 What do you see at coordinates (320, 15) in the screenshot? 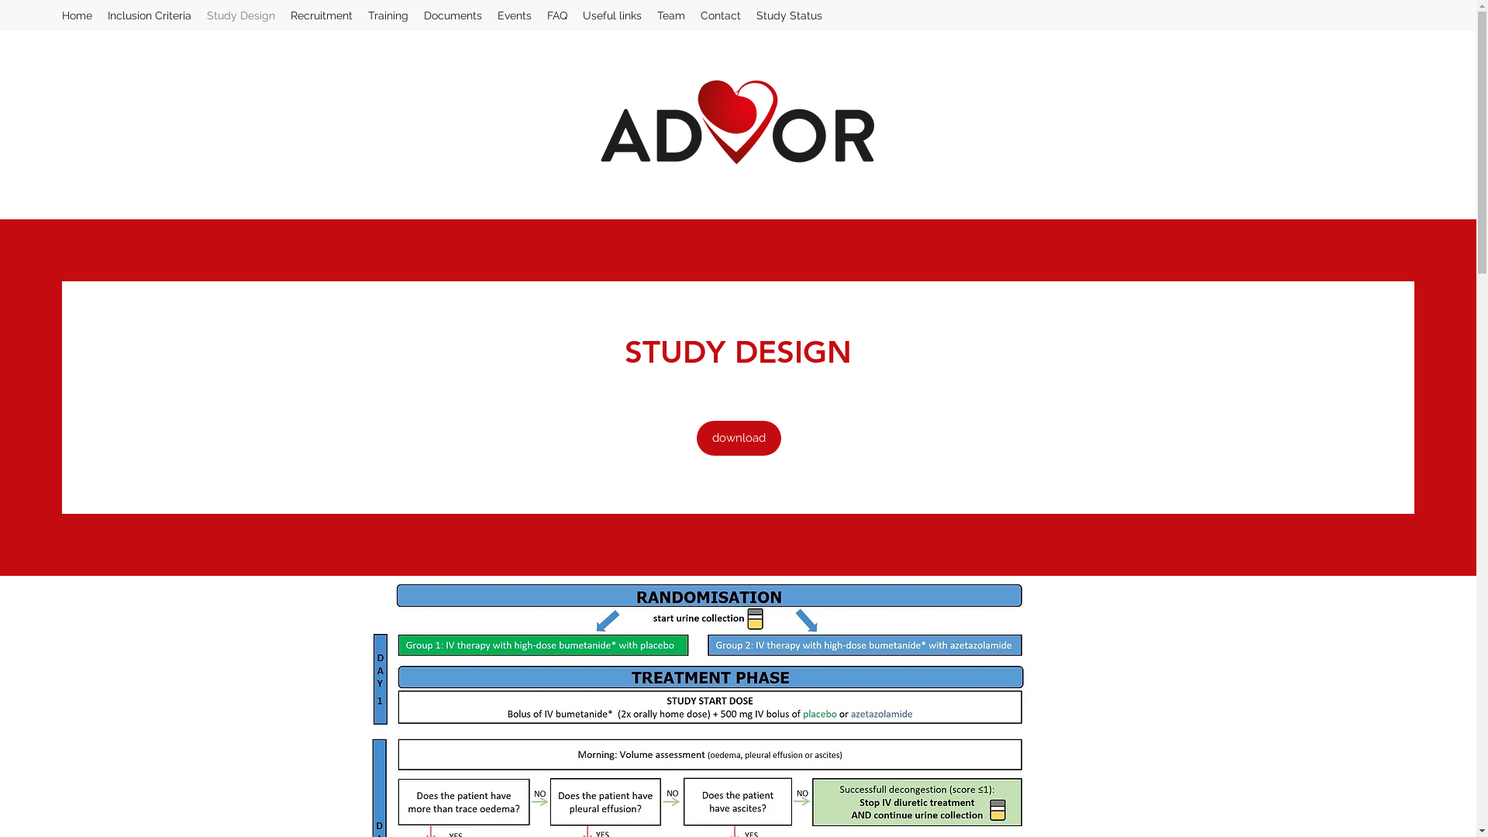
I see `'Recruitment'` at bounding box center [320, 15].